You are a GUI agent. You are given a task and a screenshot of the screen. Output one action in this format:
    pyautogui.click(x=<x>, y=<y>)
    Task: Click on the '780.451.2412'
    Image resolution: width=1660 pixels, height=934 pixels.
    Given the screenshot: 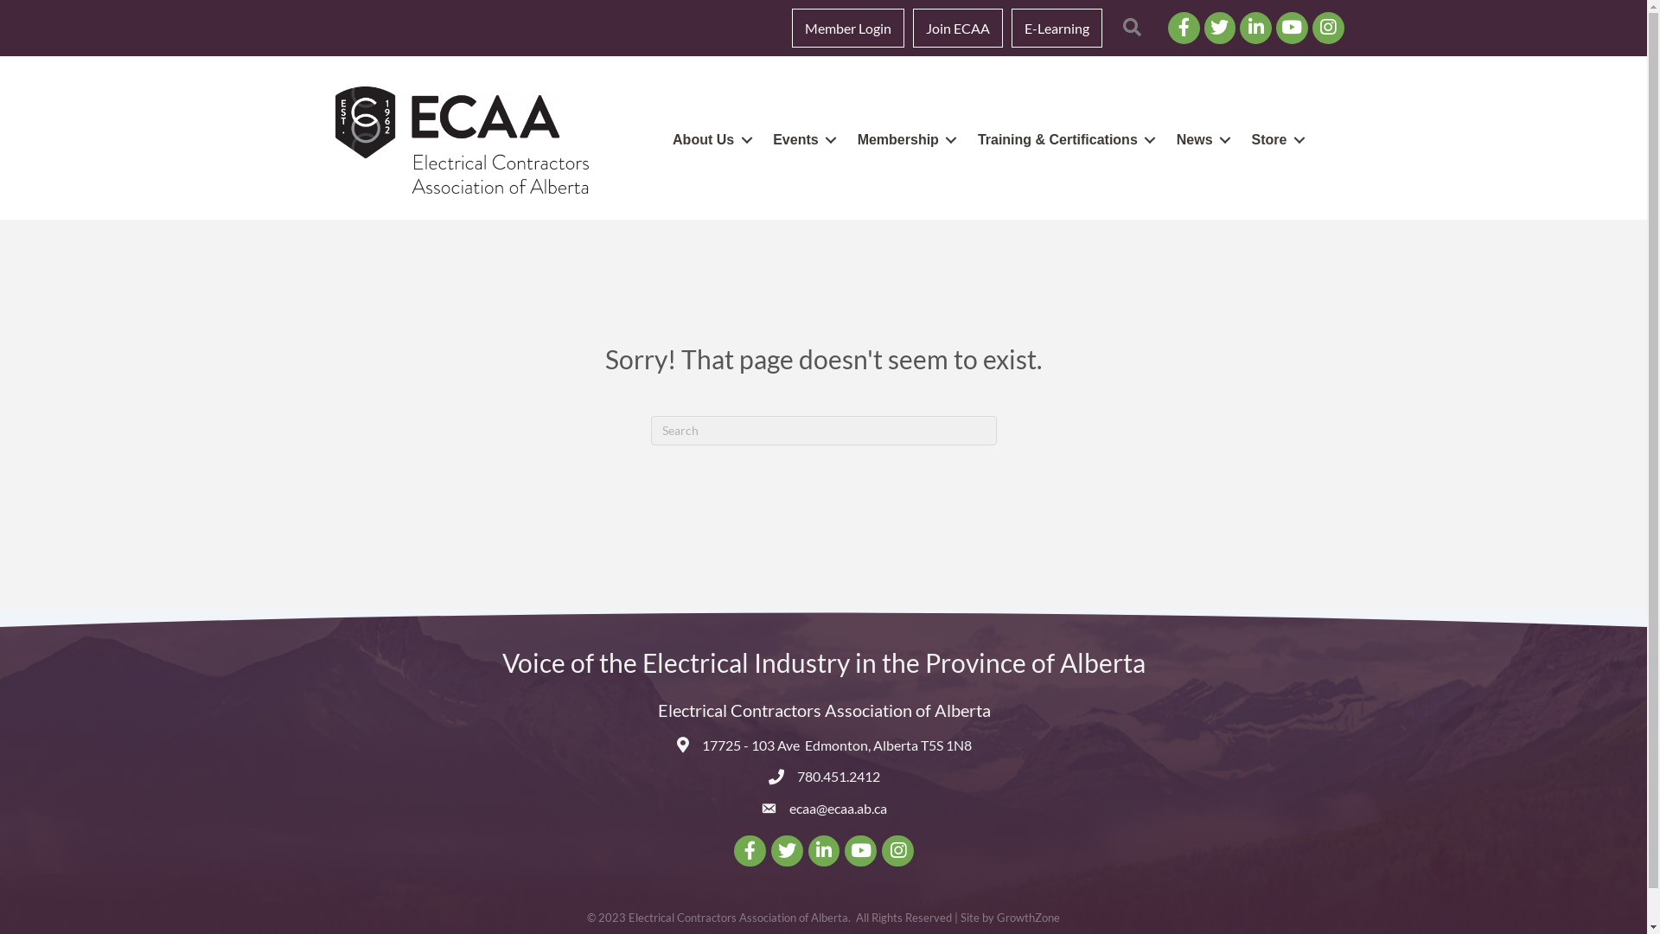 What is the action you would take?
    pyautogui.click(x=838, y=775)
    